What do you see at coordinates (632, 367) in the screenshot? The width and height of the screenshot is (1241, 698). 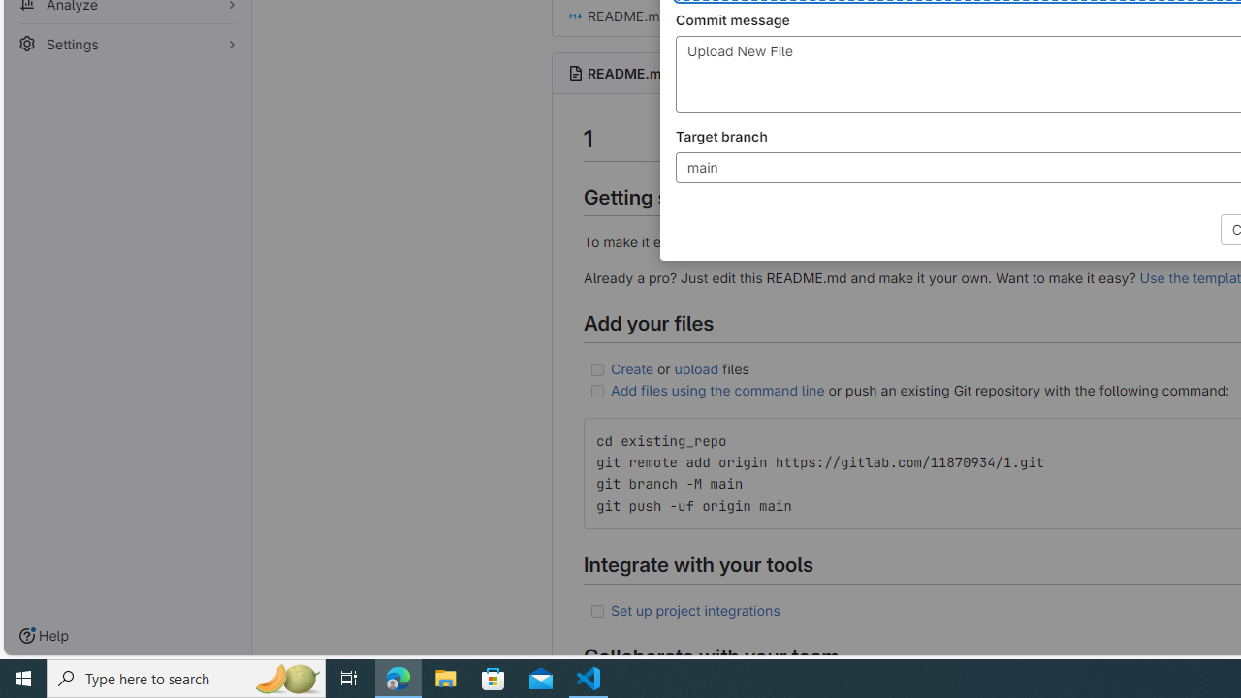 I see `'Create'` at bounding box center [632, 367].